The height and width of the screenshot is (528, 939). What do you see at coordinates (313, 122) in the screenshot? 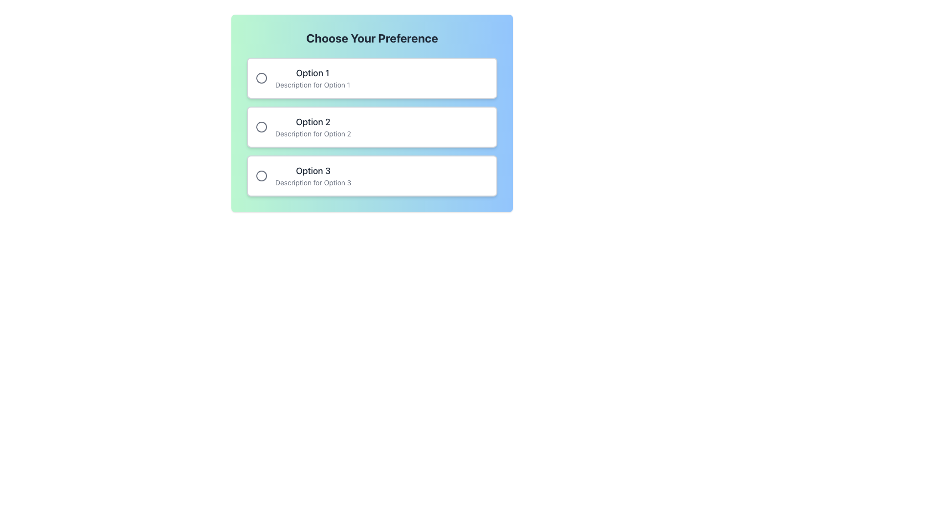
I see `the text label displaying 'Option 2', which is bold and dark-colored, located in the second row of the preference selection interface` at bounding box center [313, 122].